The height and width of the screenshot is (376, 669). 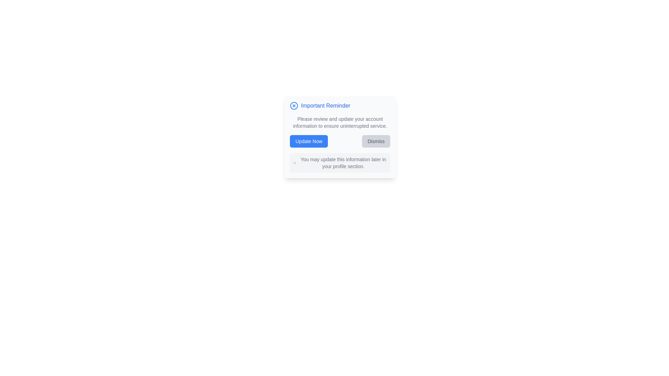 What do you see at coordinates (340, 122) in the screenshot?
I see `the informative text guiding users to verify their account details, located beneath the 'Important Reminder' header and above the 'Update Now' and 'Dismiss' buttons` at bounding box center [340, 122].